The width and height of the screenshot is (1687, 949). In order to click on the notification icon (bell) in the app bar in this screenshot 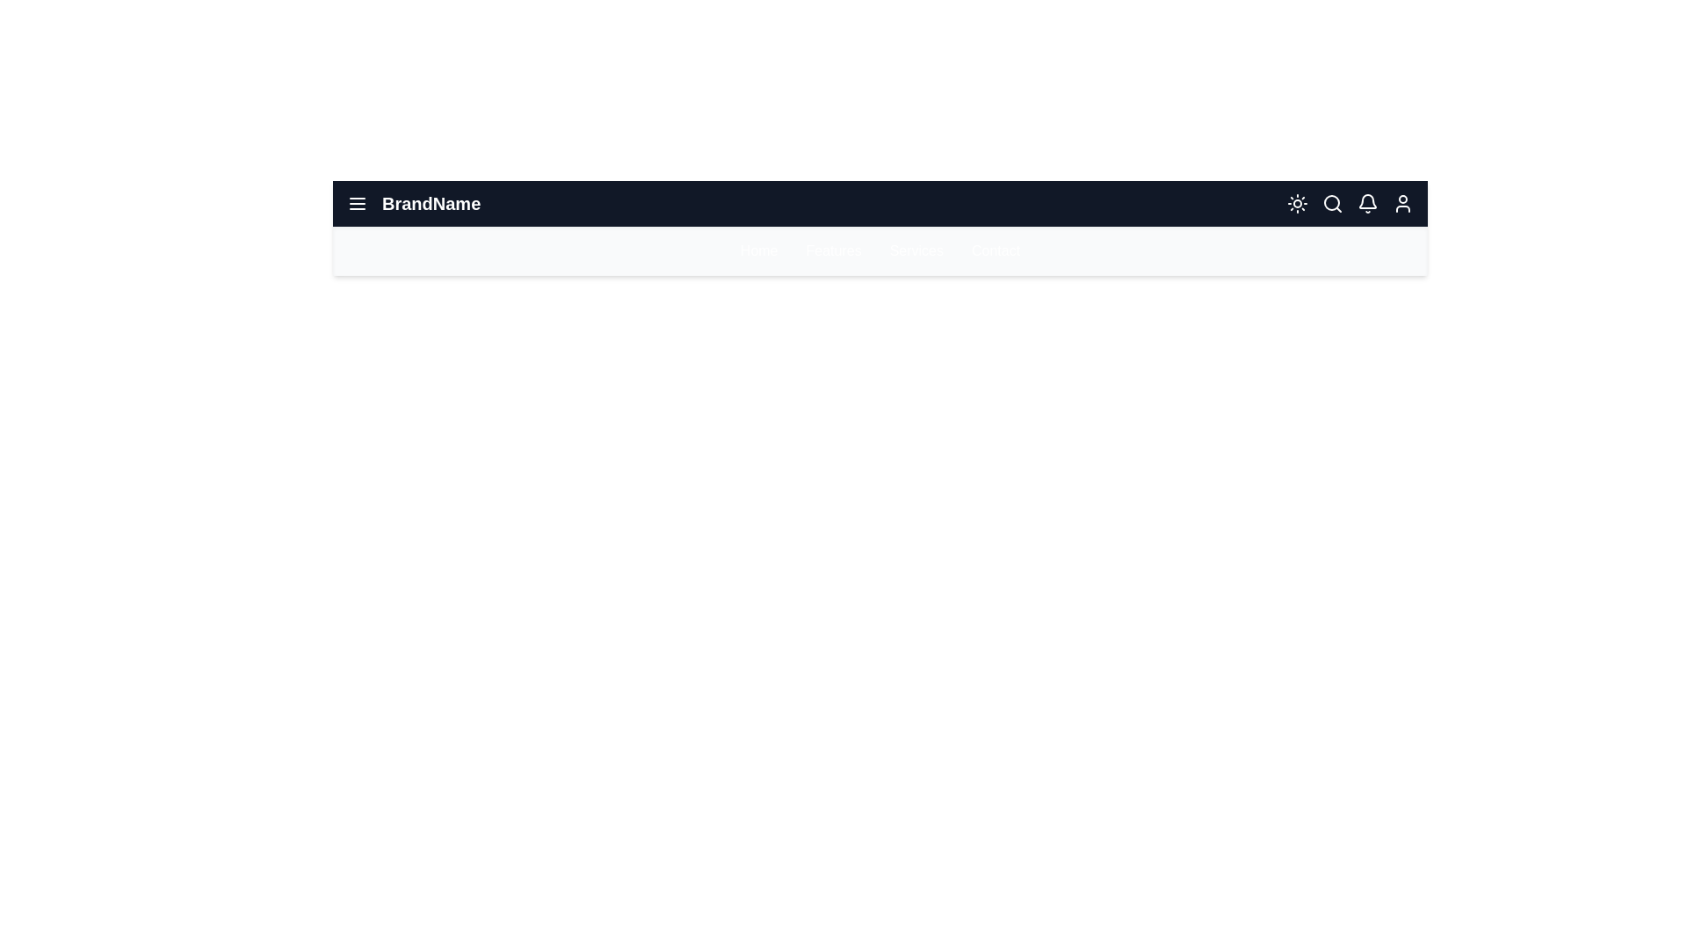, I will do `click(1366, 202)`.